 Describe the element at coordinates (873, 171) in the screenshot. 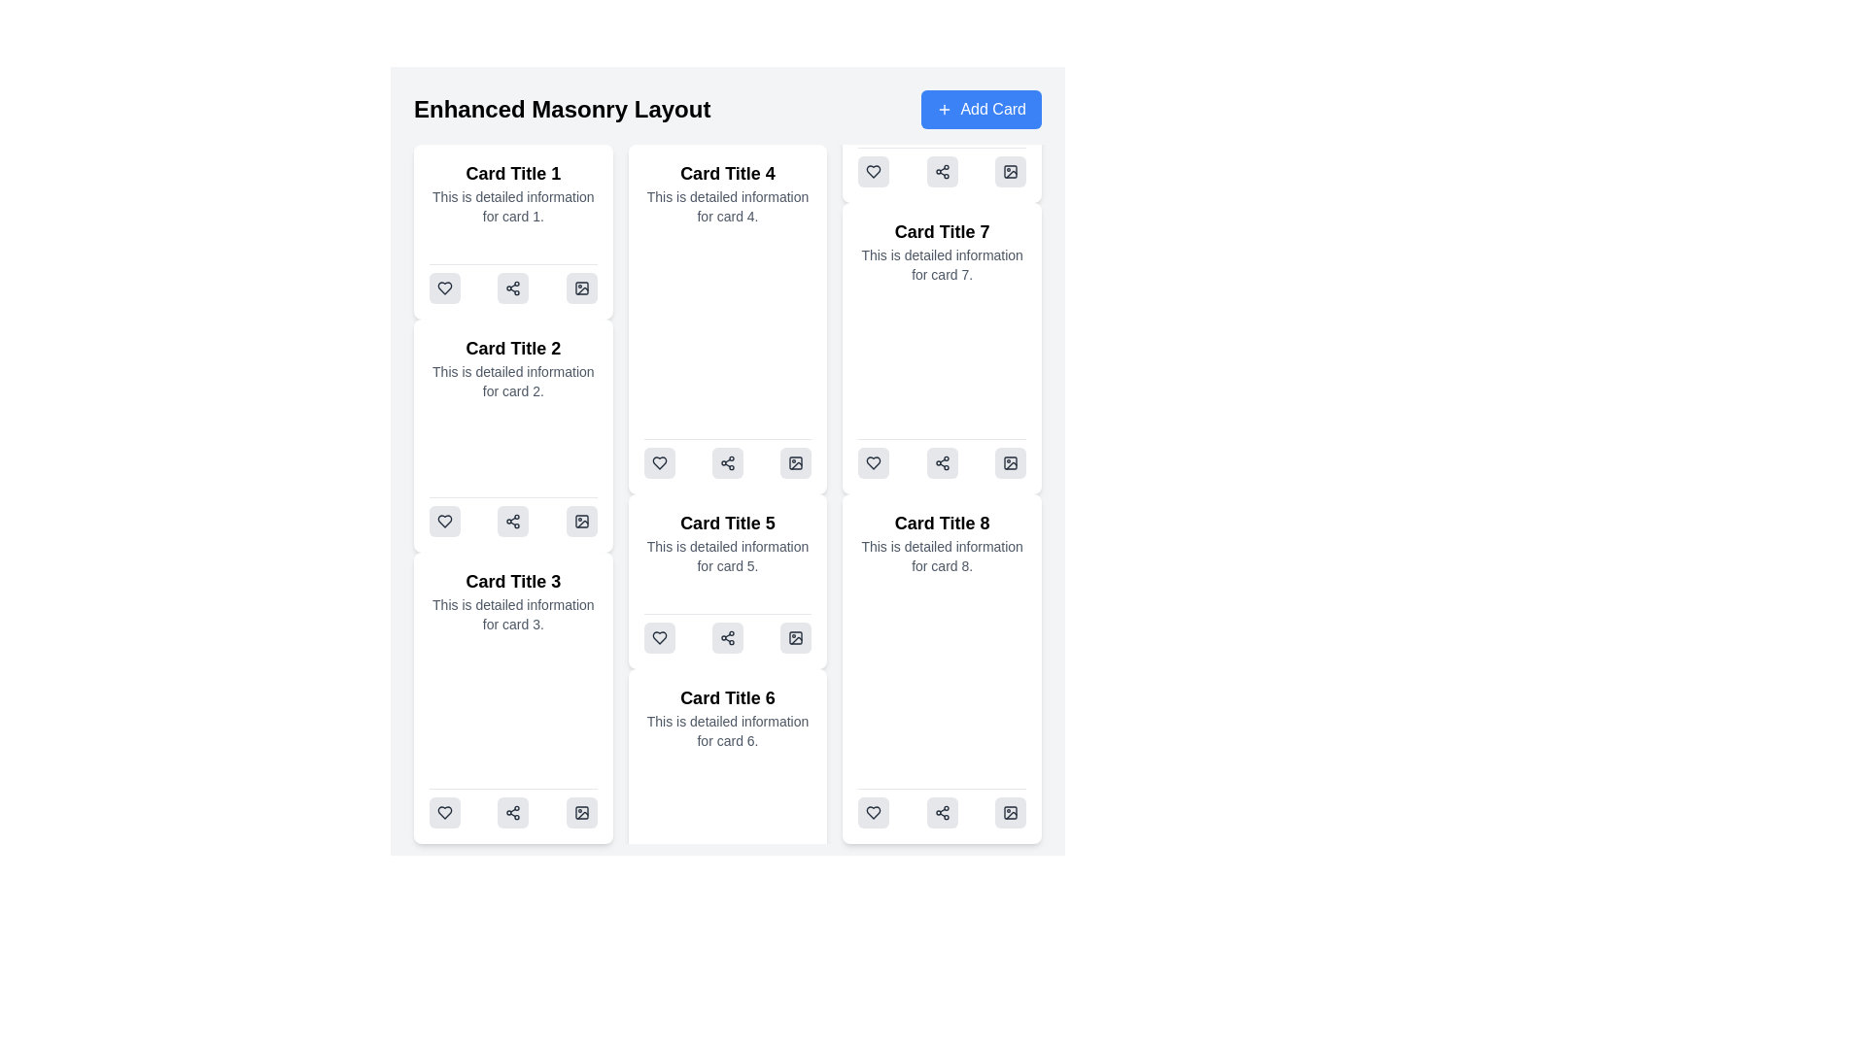

I see `the heart-shaped icon in the action bar beneath 'Card Title 7' in the 'Enhanced Masonry Layout', which represents a 'like' or 'favorite' functionality` at that location.